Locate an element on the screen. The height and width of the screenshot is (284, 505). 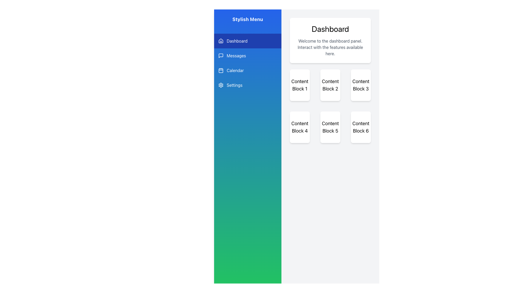
the settings icon located to the left of the 'Settings' text in the fourth item of the vertical menu in the left sidebar is located at coordinates (221, 85).